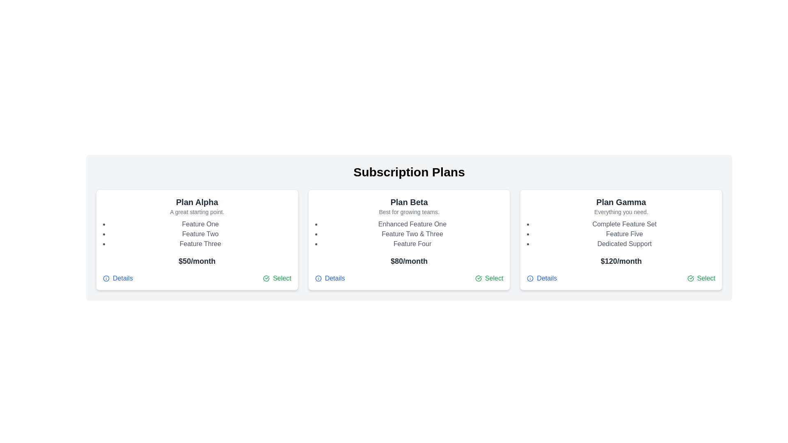 This screenshot has height=443, width=788. I want to click on title from the bold-text heading labeled 'Plan Alpha' that is prominently positioned at the top center of the card layout, so click(197, 202).